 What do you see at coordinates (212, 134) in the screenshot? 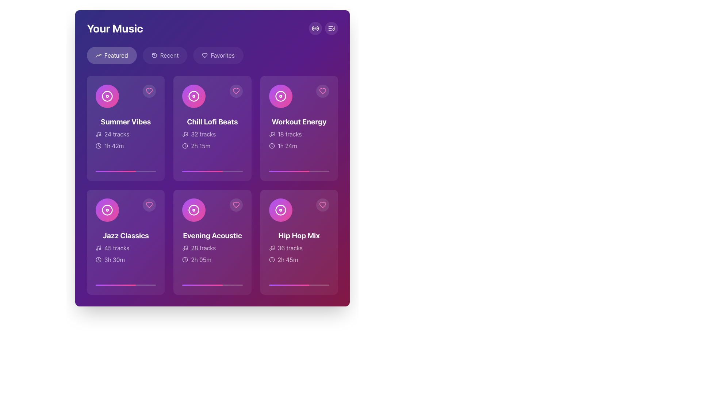
I see `the static text label displaying '32 tracks', which is styled with a muted white color and is located under the 'Chill Lofi Beats' card in the middle column of a 3x2 grid of music cards` at bounding box center [212, 134].